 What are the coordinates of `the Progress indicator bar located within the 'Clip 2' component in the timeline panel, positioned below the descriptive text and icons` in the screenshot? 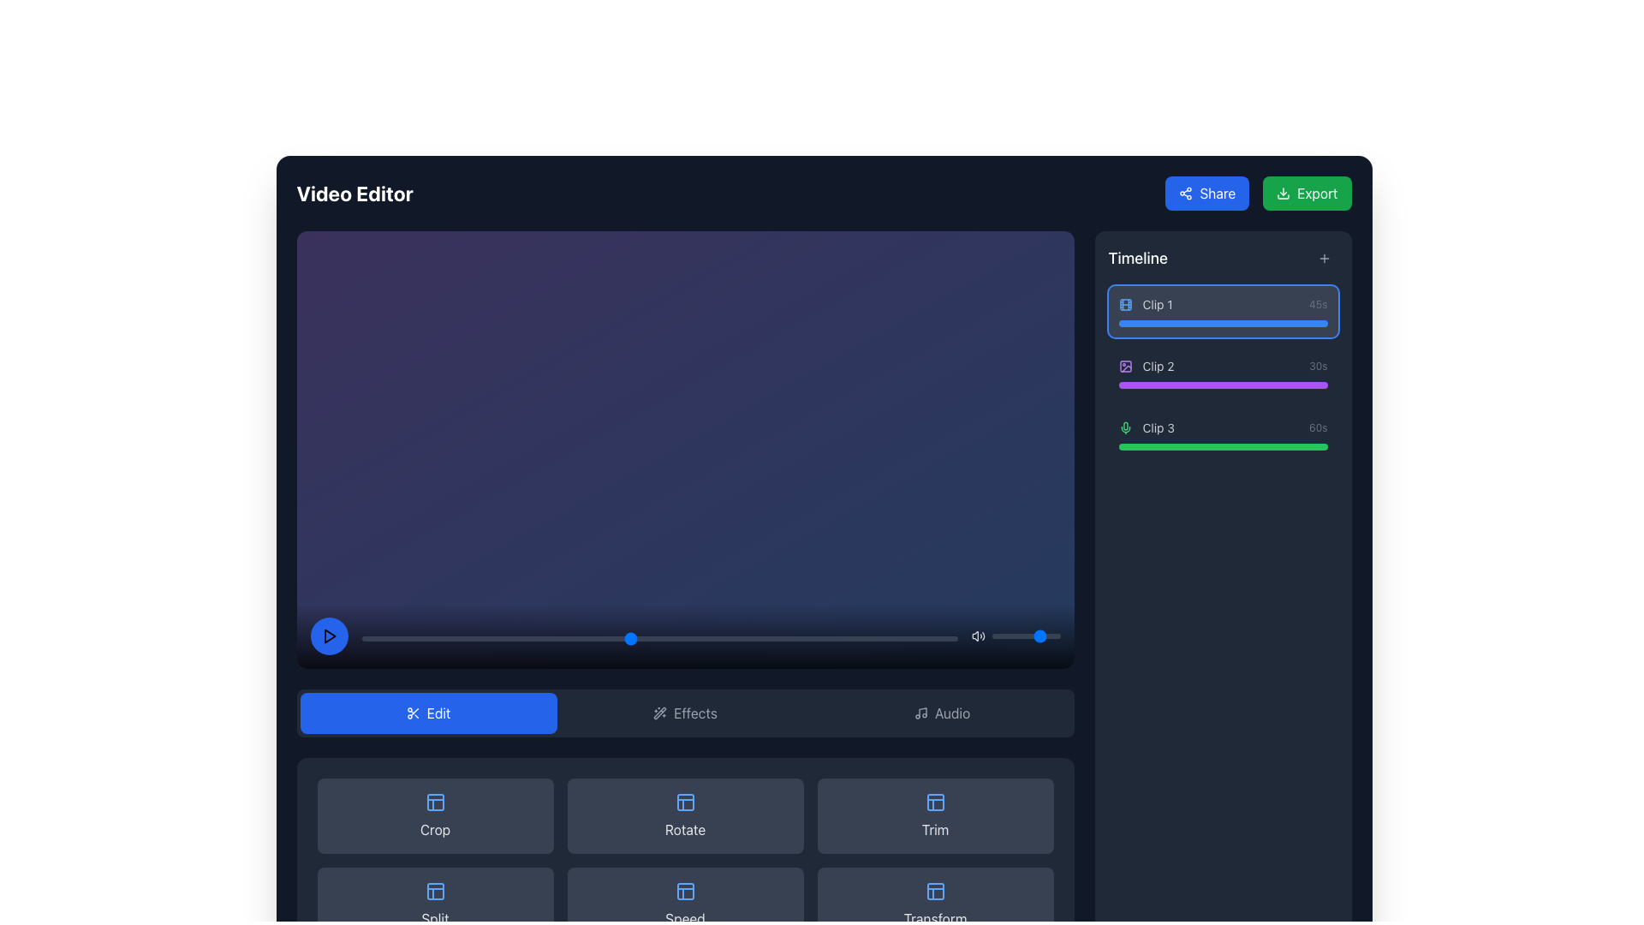 It's located at (1222, 385).